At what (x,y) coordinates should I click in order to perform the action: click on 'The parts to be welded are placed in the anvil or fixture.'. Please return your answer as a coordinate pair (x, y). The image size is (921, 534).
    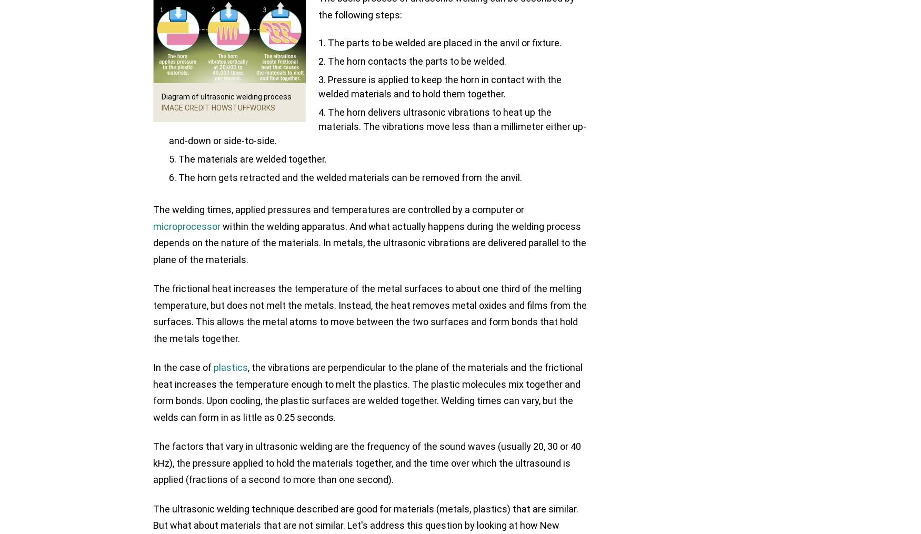
    Looking at the image, I should click on (445, 43).